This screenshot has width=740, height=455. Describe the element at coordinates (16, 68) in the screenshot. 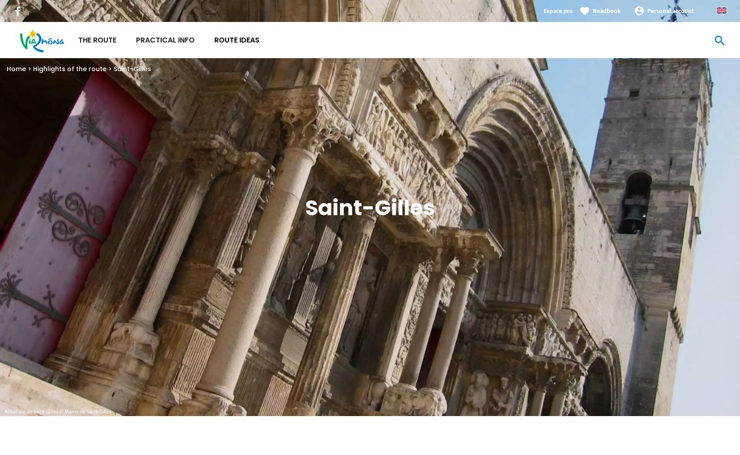

I see `'Home'` at that location.